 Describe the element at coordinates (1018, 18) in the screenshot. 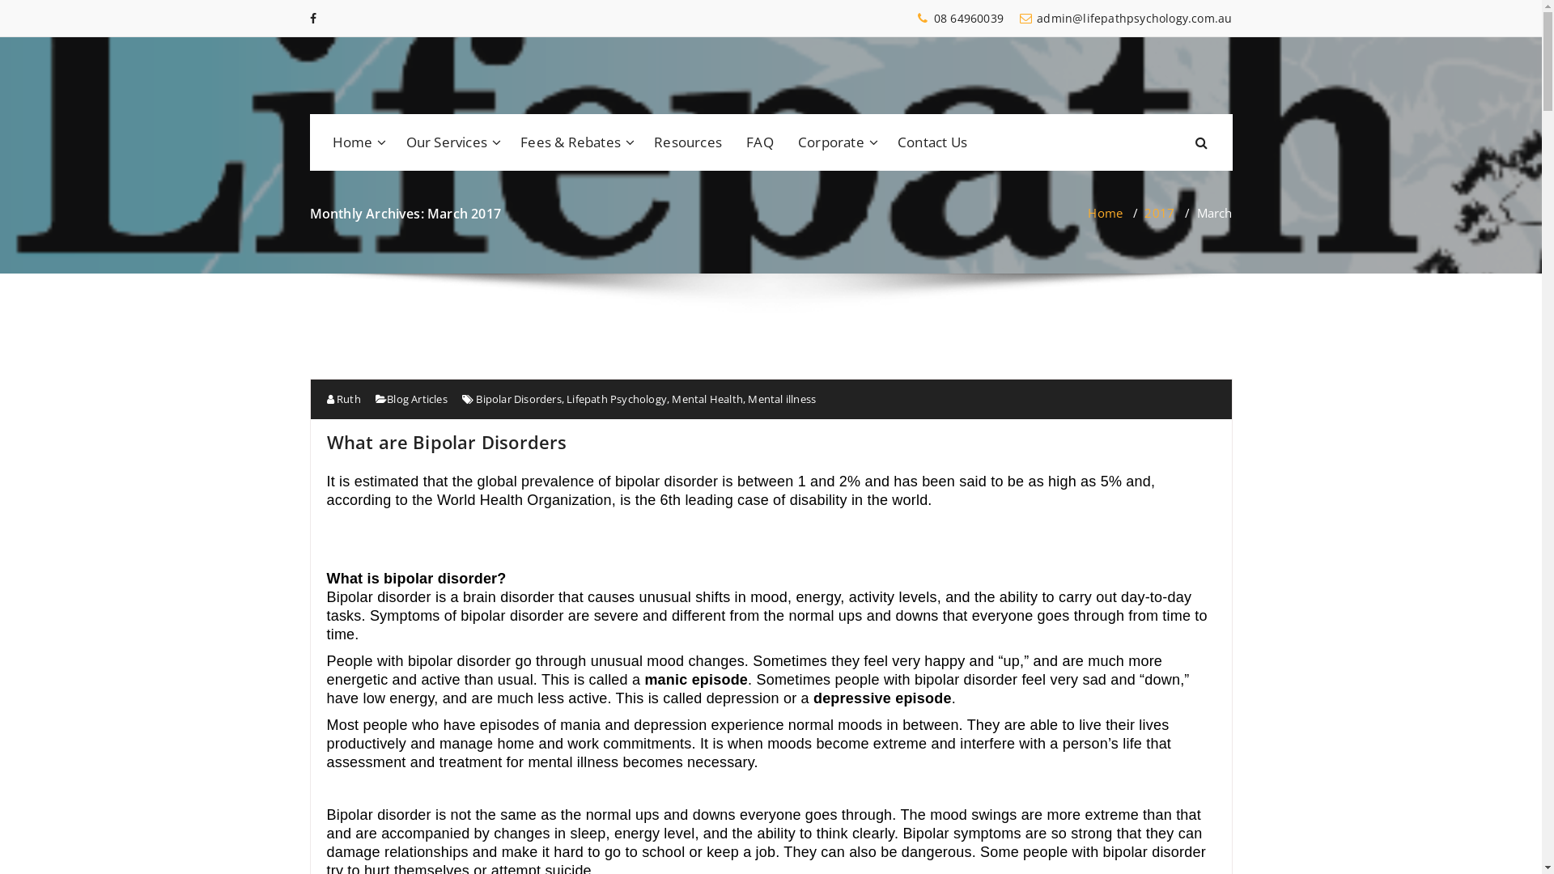

I see `'admin@lifepathpsychology.com.au'` at that location.